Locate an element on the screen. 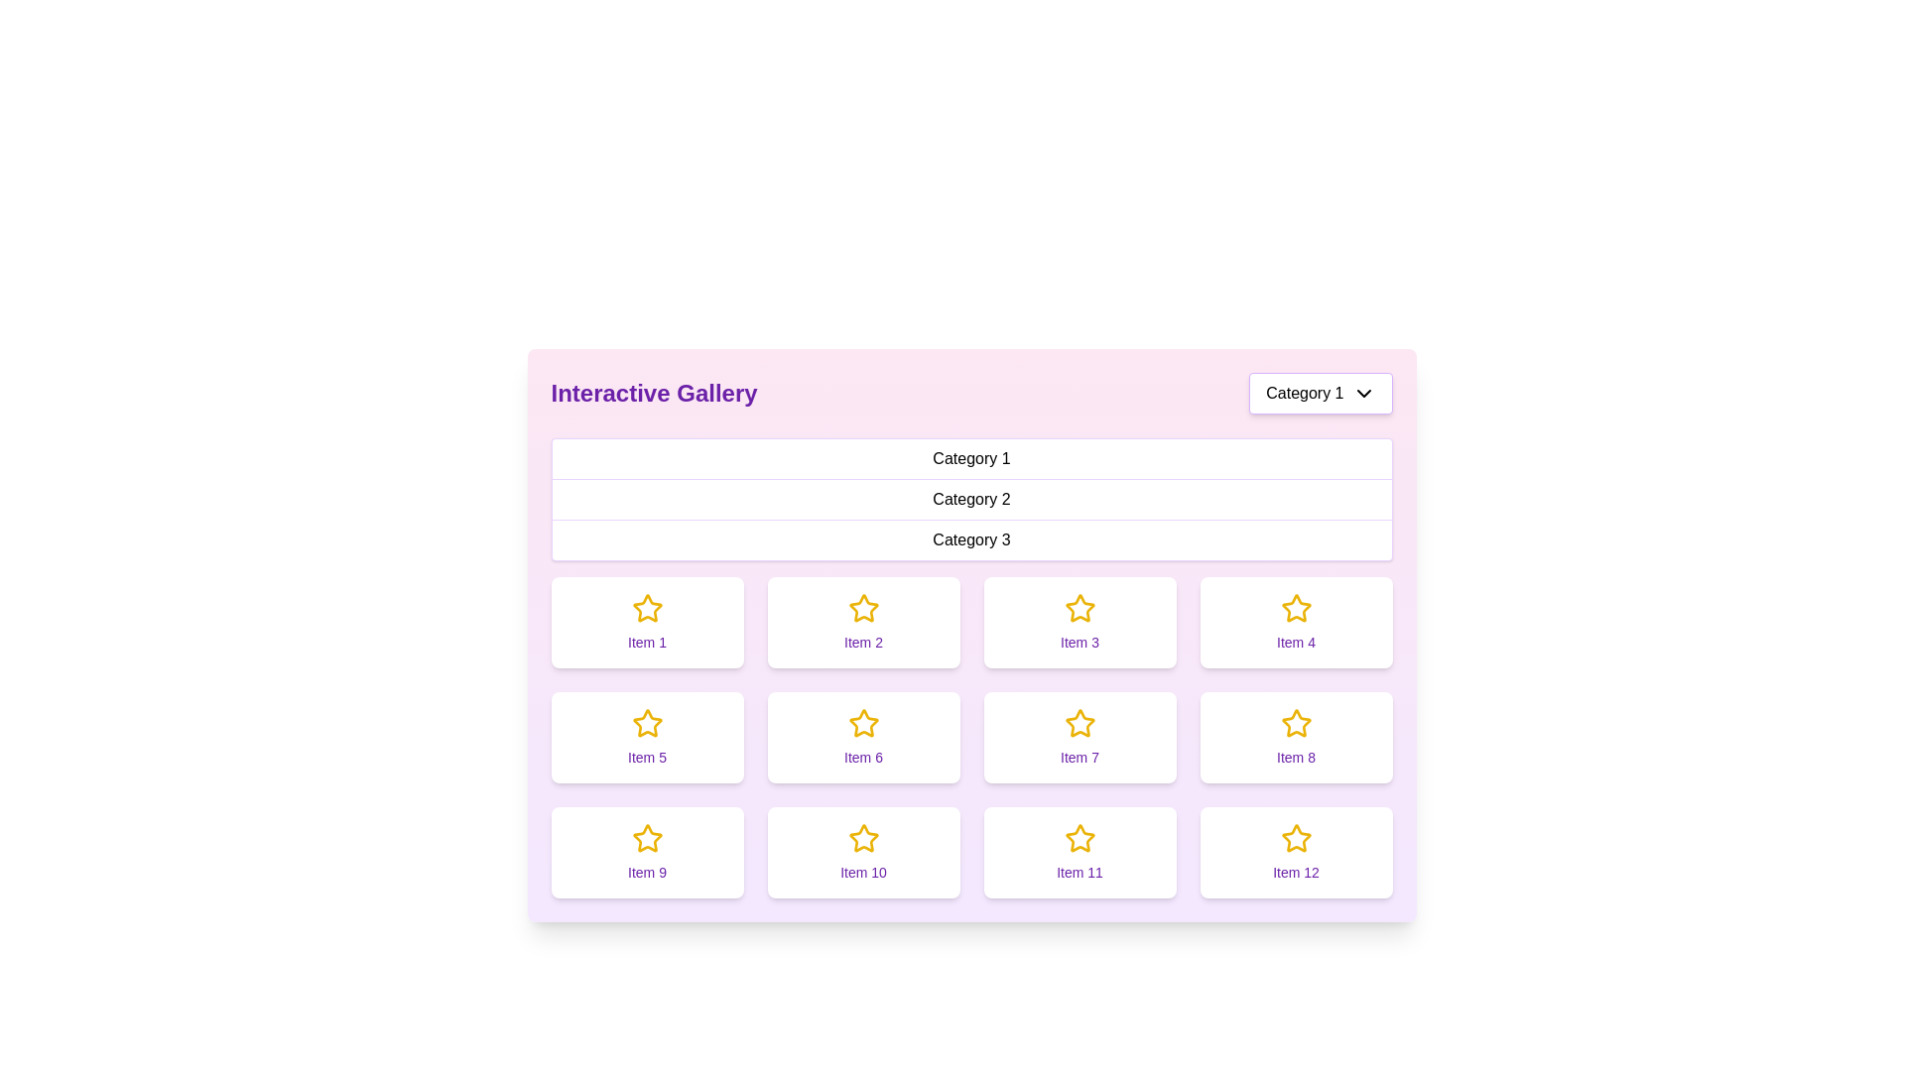  the yellow star-shaped icon with a solid border and a hollow center located within the card labeled 'Item 2', positioned above the text label and centered horizontally inside the card is located at coordinates (863, 607).